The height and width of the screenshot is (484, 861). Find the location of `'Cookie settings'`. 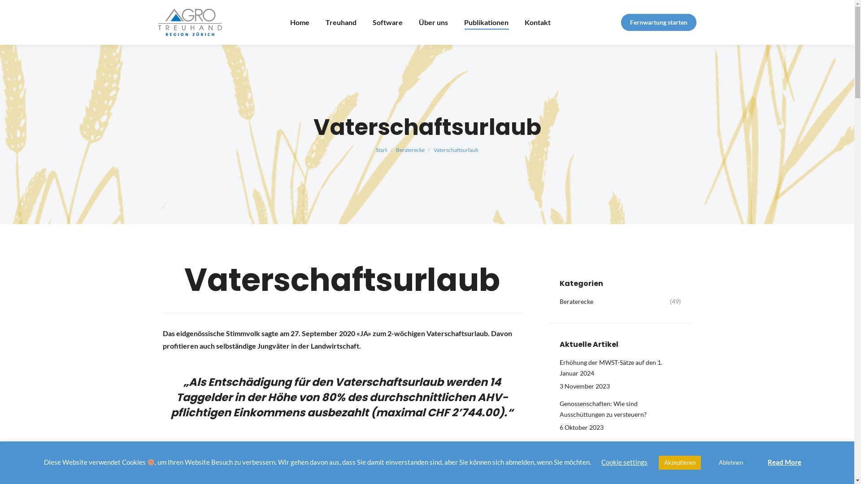

'Cookie settings' is located at coordinates (624, 462).